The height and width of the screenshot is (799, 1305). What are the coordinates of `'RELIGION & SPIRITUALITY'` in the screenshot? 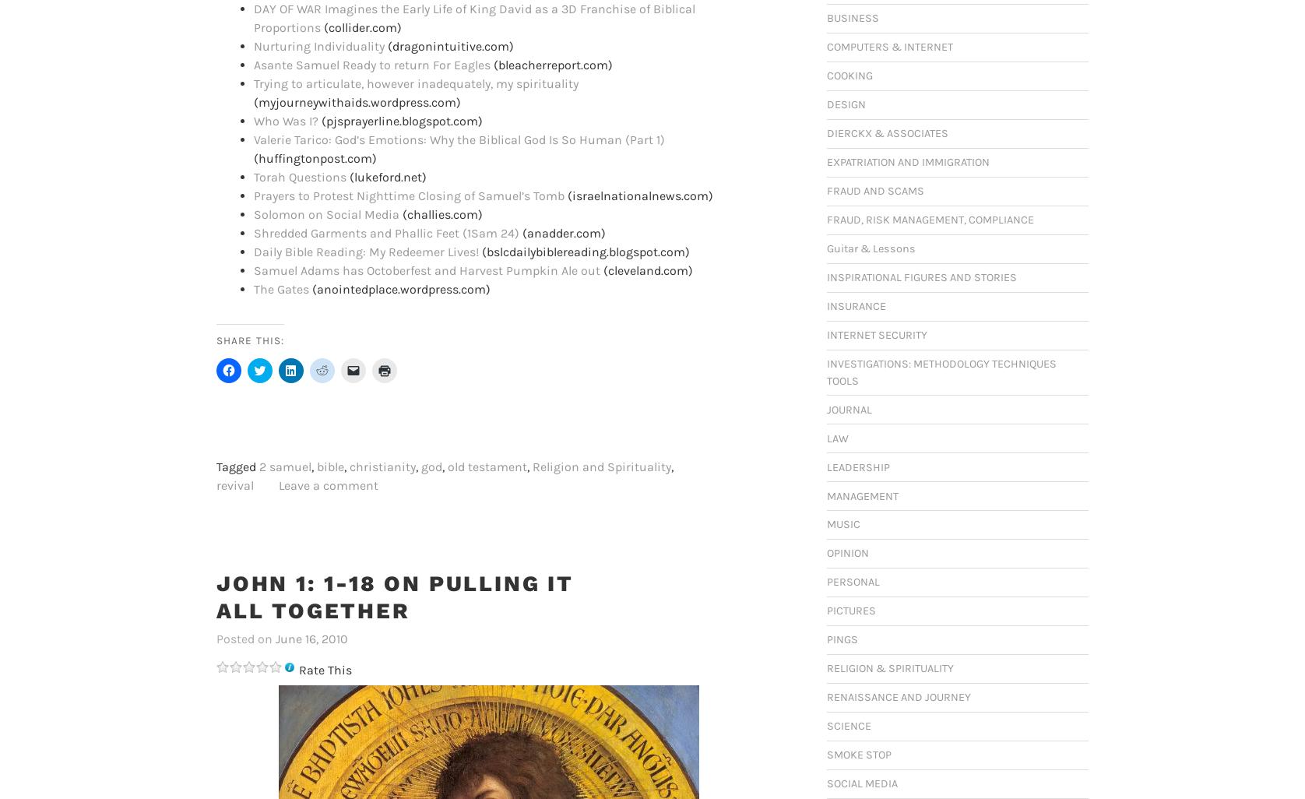 It's located at (889, 668).